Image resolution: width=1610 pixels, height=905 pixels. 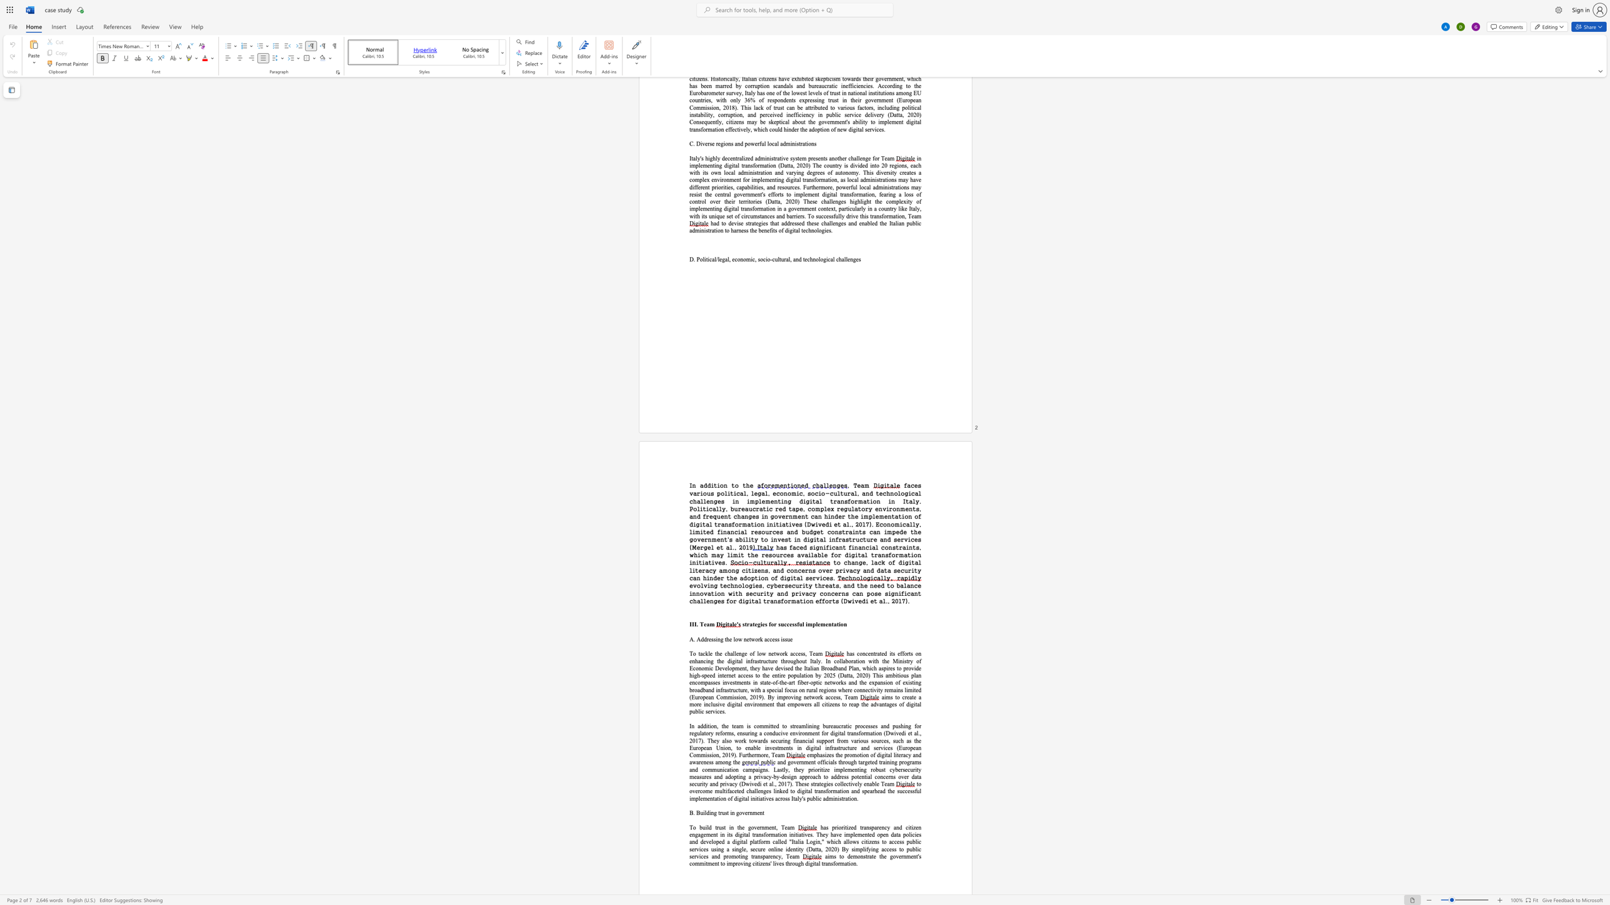 What do you see at coordinates (897, 697) in the screenshot?
I see `the 1th character "o" in the text` at bounding box center [897, 697].